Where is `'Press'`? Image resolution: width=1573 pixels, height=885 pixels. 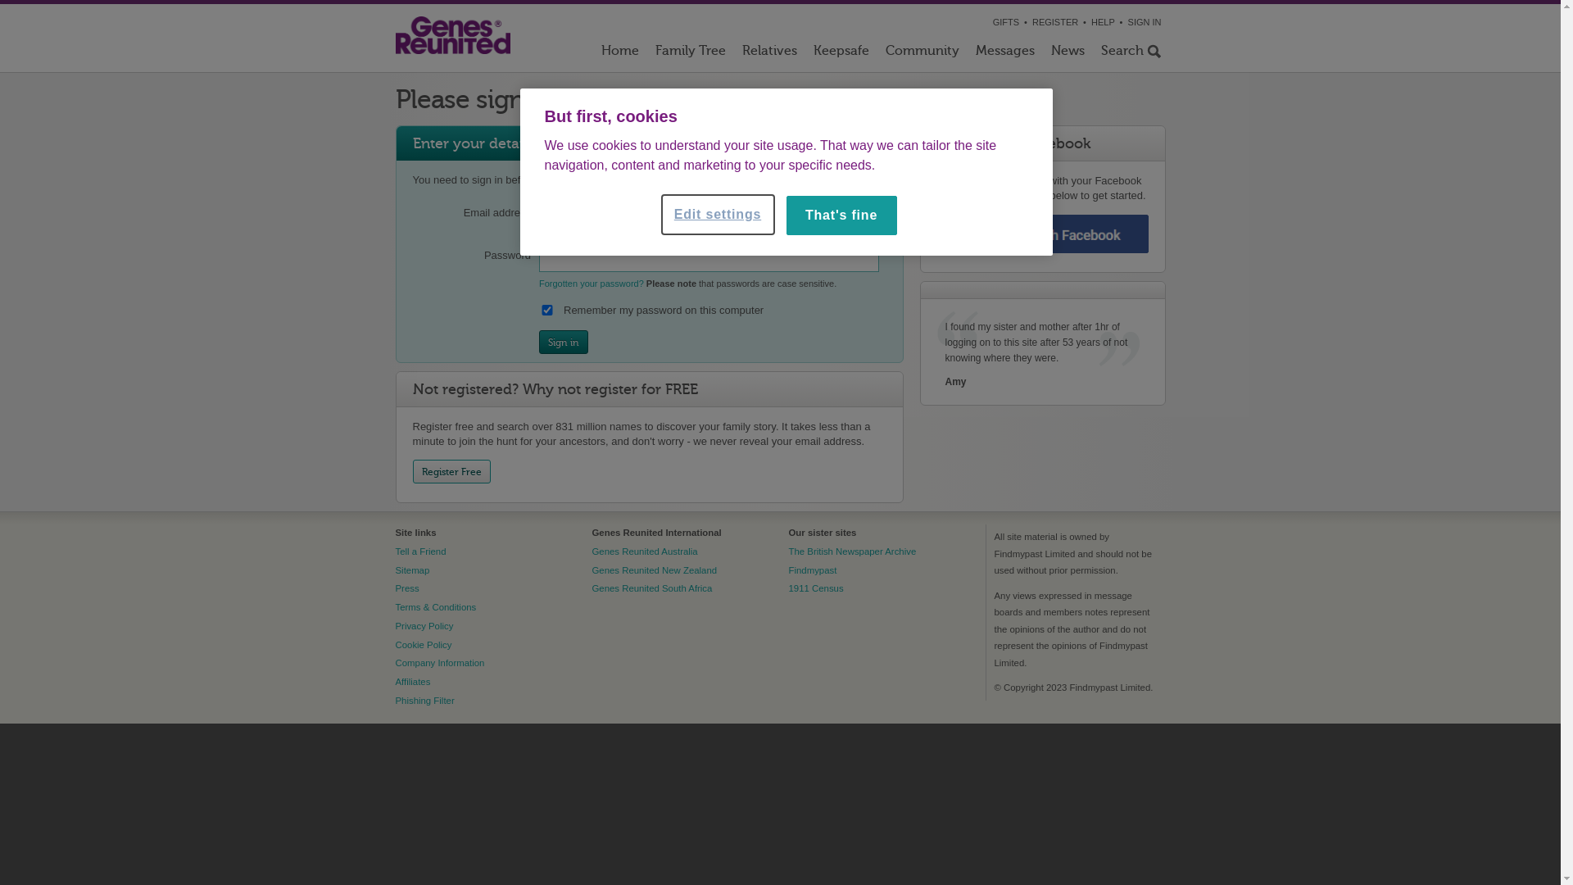 'Press' is located at coordinates (394, 587).